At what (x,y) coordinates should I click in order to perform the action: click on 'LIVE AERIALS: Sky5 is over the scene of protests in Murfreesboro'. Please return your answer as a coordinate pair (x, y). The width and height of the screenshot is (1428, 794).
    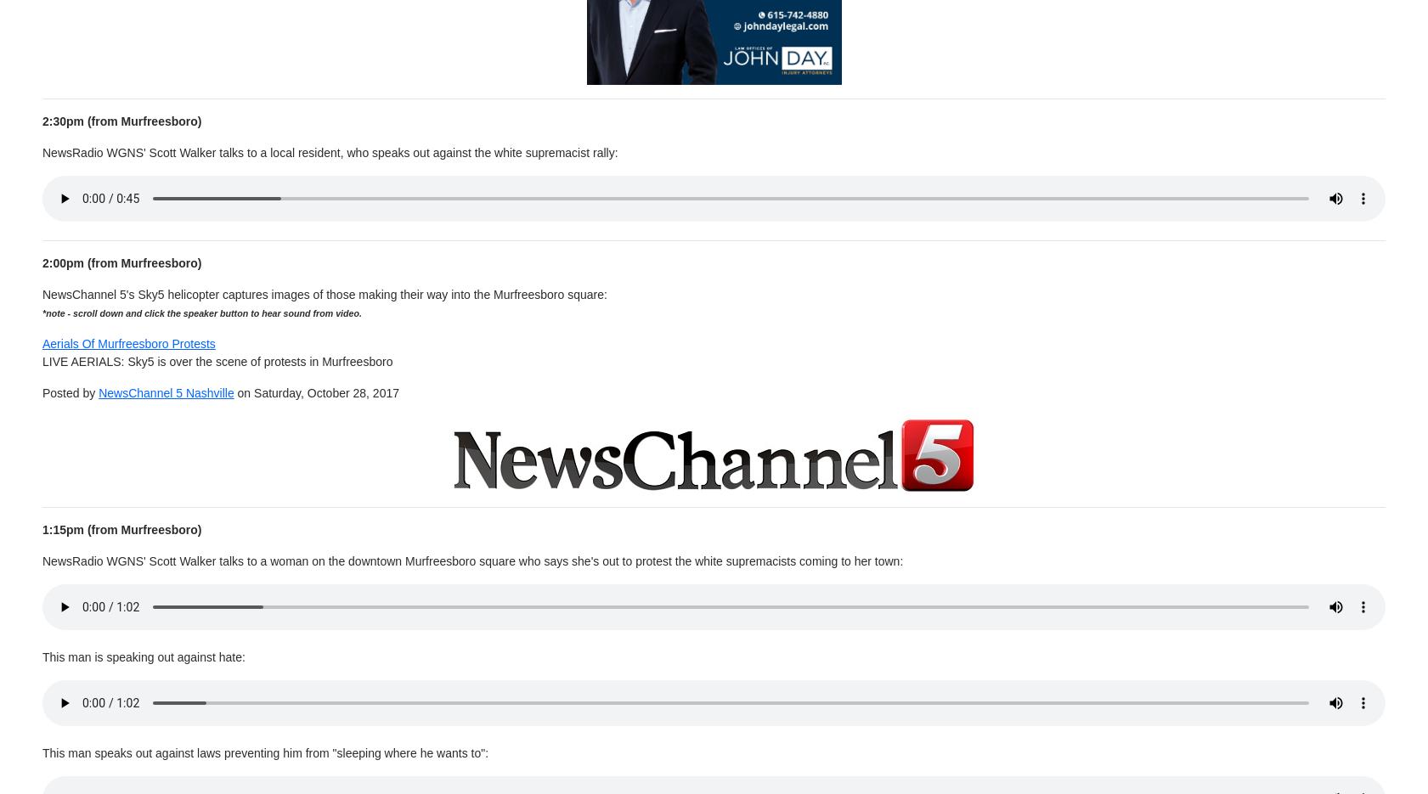
    Looking at the image, I should click on (217, 360).